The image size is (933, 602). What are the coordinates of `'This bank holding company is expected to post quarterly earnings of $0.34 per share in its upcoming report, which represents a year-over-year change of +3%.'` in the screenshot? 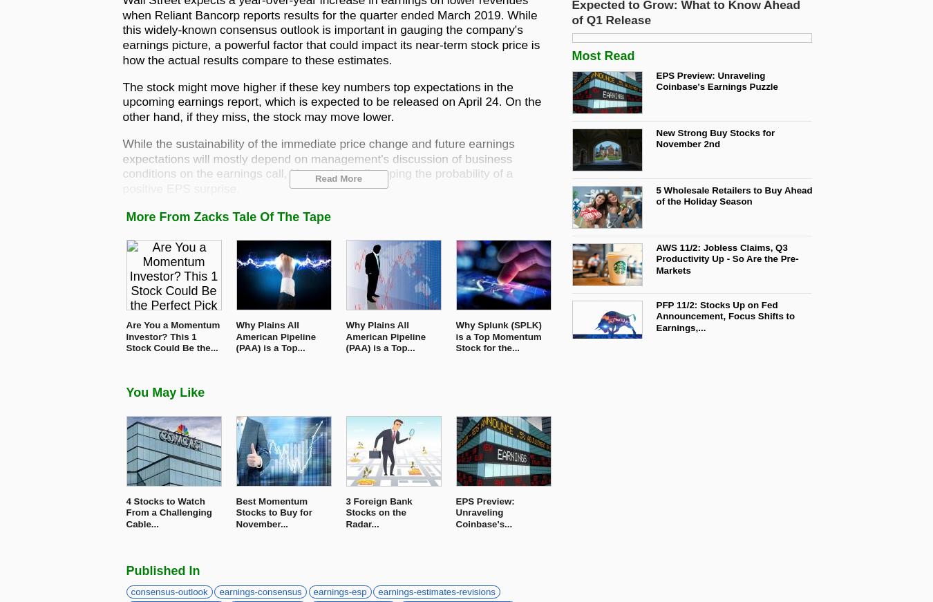 It's located at (333, 249).